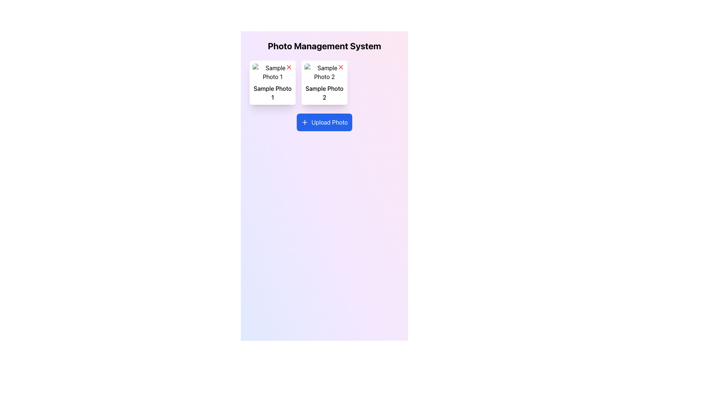  What do you see at coordinates (324, 122) in the screenshot?
I see `the 'Upload Photo' button, which is a rectangular button with a rounded border and a vivid blue background, located below two photo preview cards` at bounding box center [324, 122].